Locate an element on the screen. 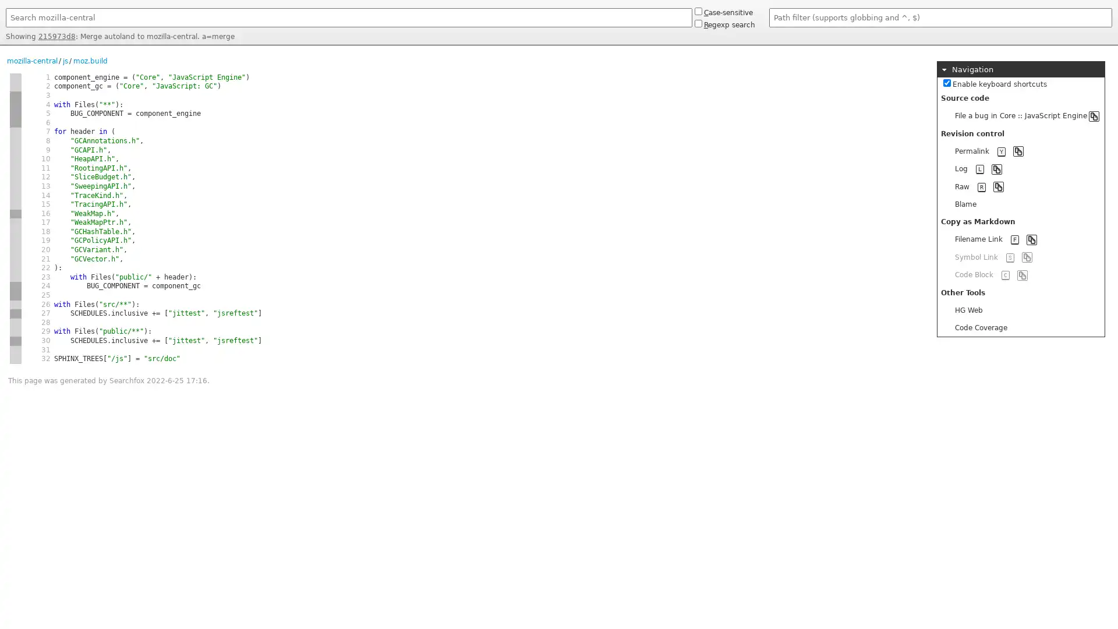 This screenshot has height=629, width=1118. same hash 1 is located at coordinates (16, 86).